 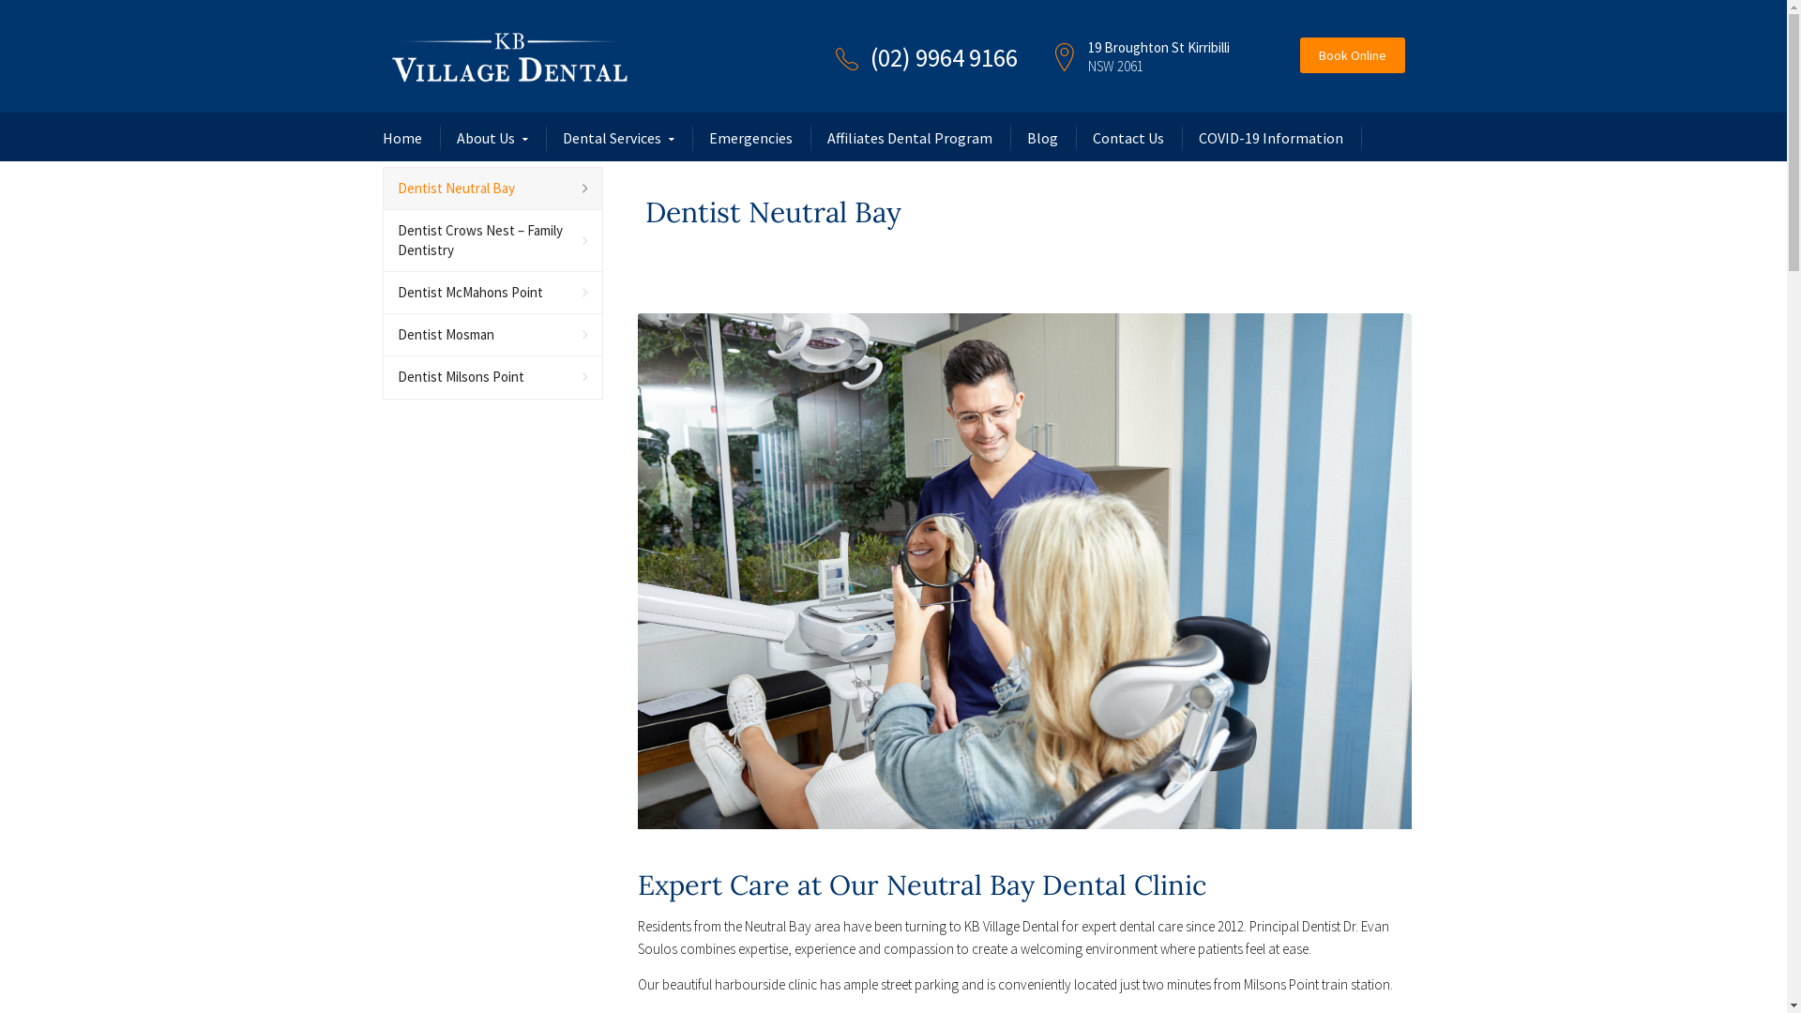 I want to click on 'Book Online', so click(x=1299, y=53).